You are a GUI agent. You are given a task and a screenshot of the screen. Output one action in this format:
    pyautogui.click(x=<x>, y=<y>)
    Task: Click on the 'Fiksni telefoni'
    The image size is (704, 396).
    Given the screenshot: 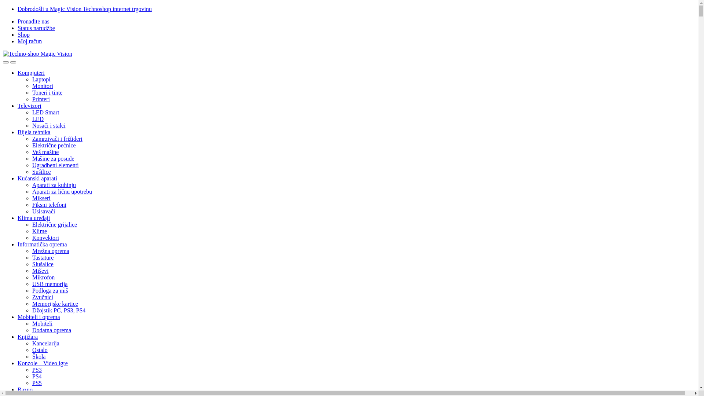 What is the action you would take?
    pyautogui.click(x=32, y=205)
    